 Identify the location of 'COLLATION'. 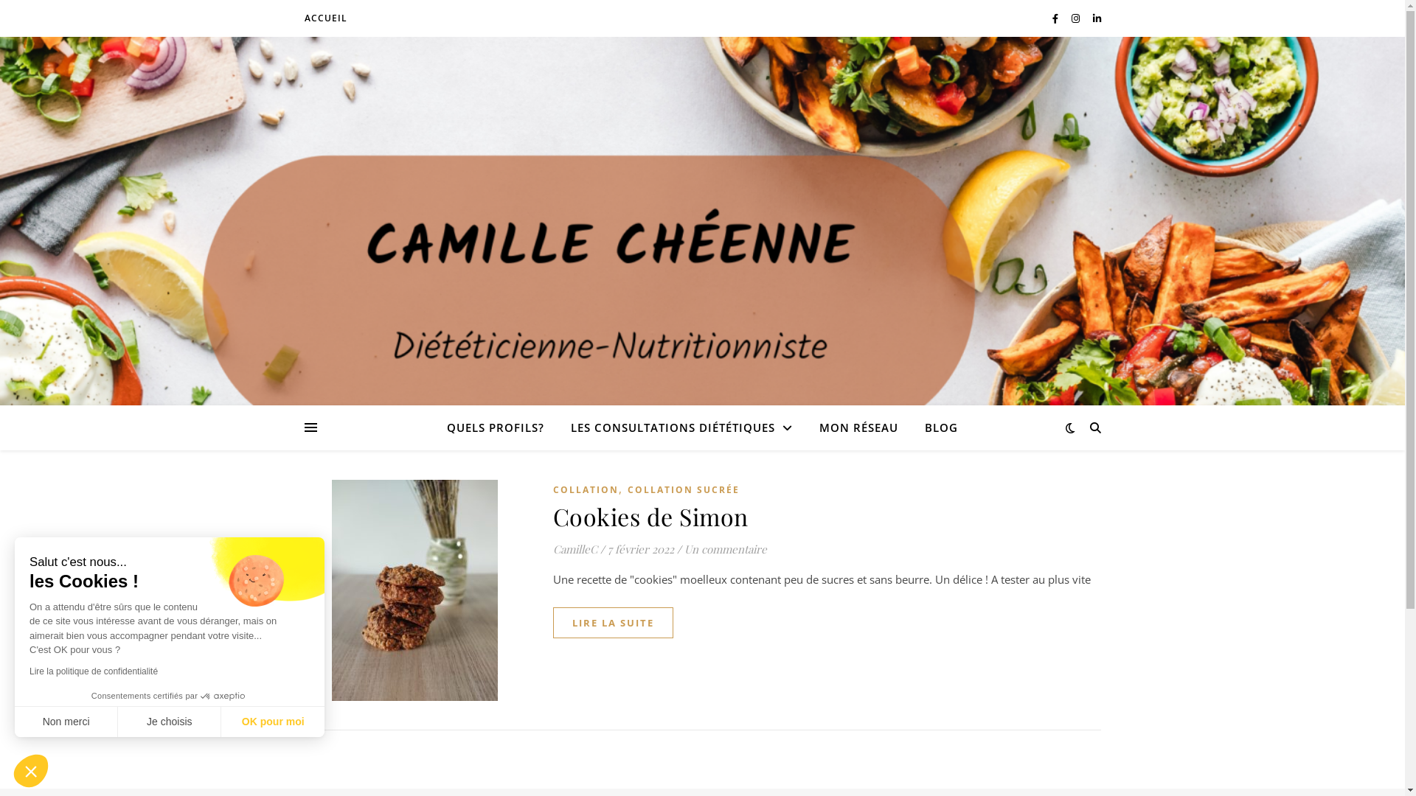
(585, 490).